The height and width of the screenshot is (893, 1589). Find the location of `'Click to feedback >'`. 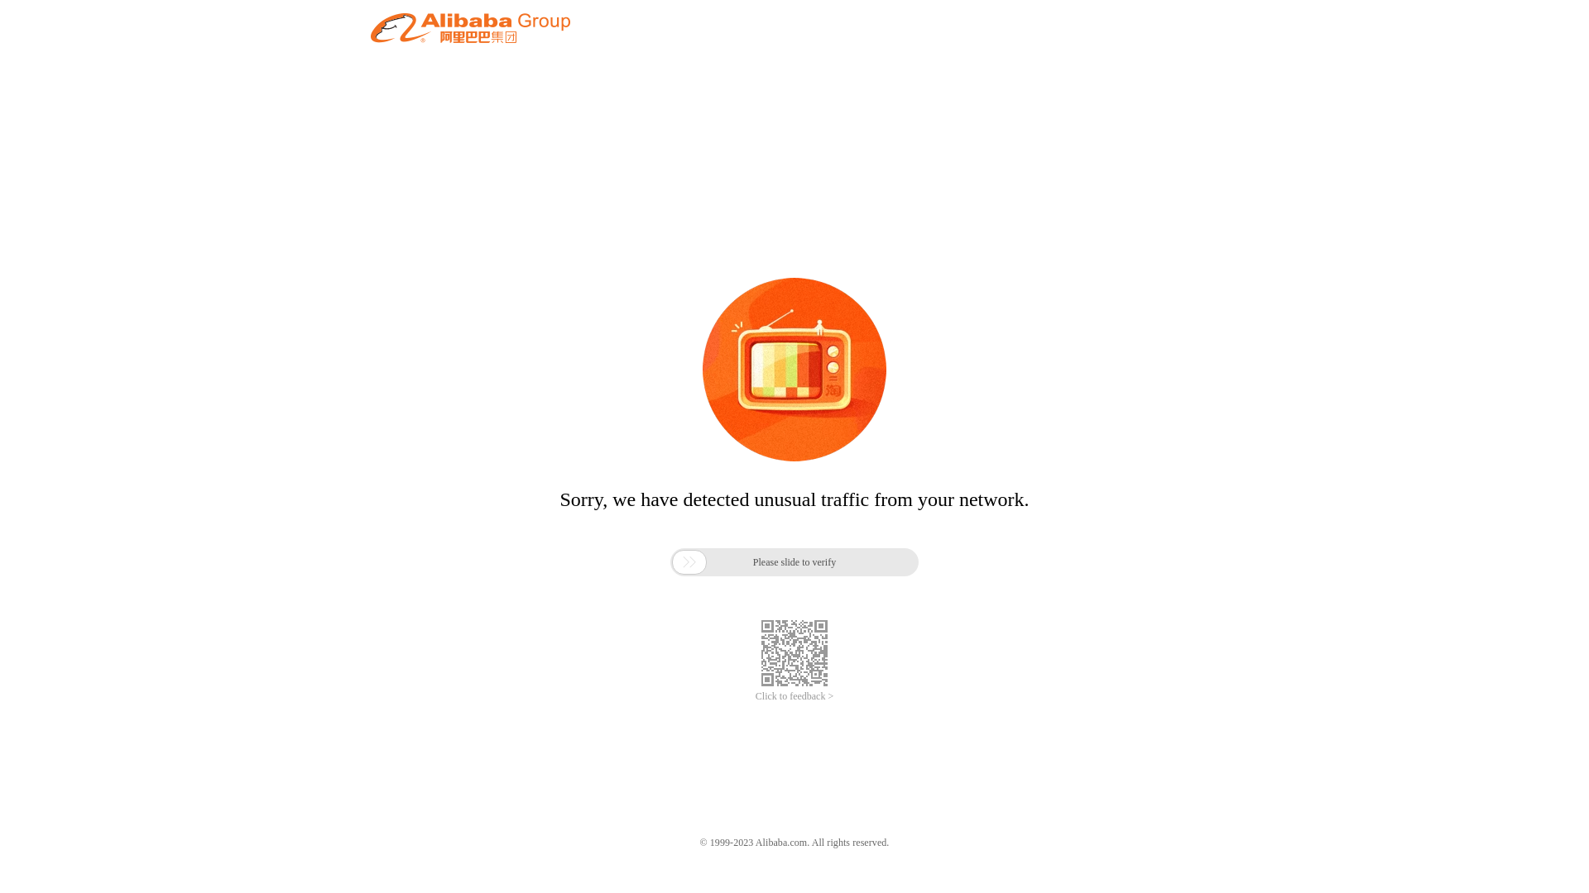

'Click to feedback >' is located at coordinates (794, 696).